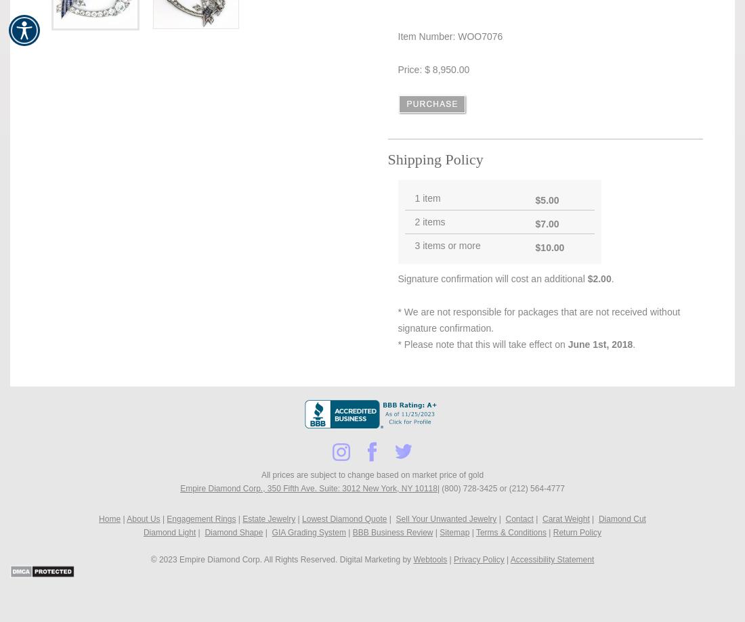  What do you see at coordinates (232, 533) in the screenshot?
I see `'Diamond Shape'` at bounding box center [232, 533].